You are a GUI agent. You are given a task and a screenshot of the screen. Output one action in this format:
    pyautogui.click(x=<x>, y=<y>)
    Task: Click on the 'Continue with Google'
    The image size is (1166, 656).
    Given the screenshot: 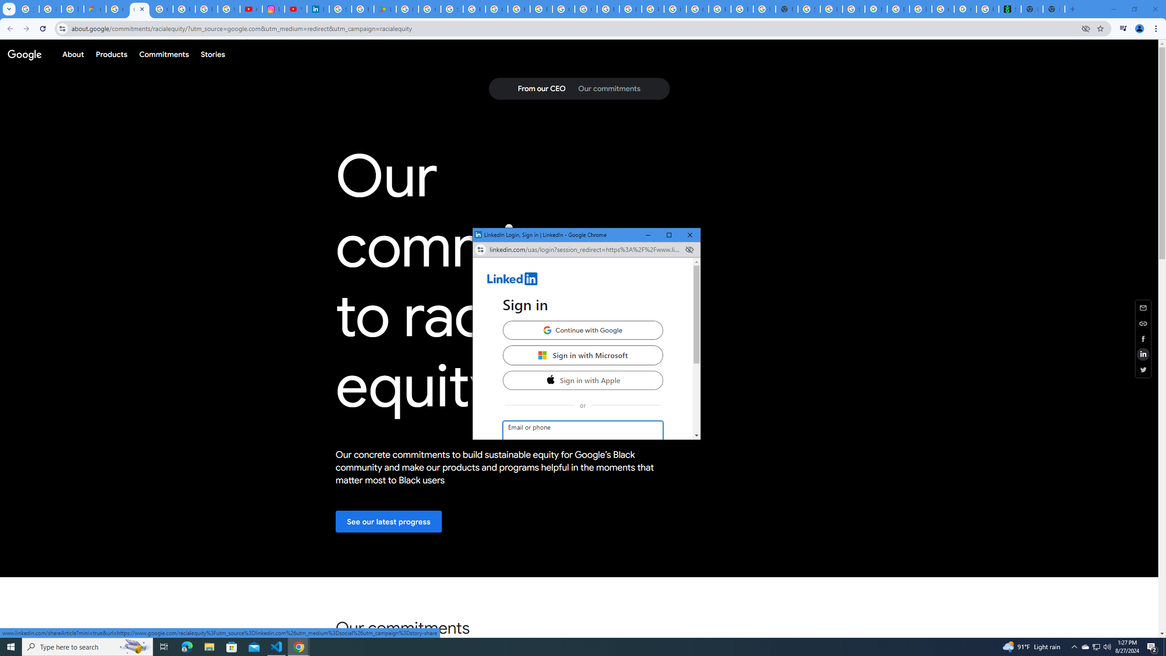 What is the action you would take?
    pyautogui.click(x=582, y=330)
    